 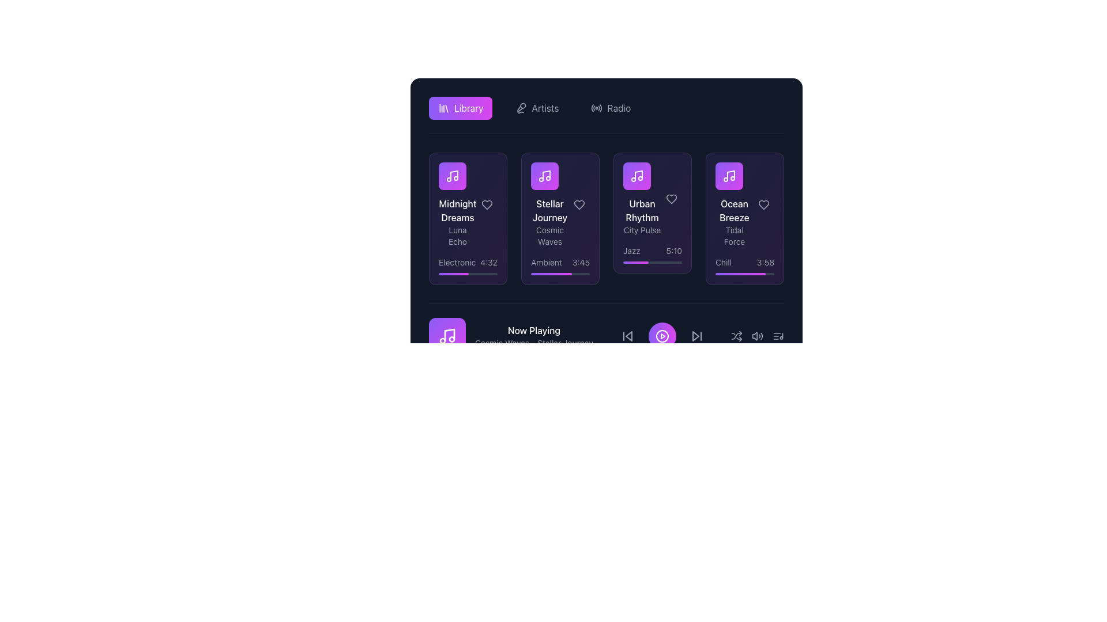 I want to click on the third music item card in the list, which is located between the 'Stellar Journey' card and 'Ocean Breeze' card, so click(x=641, y=199).